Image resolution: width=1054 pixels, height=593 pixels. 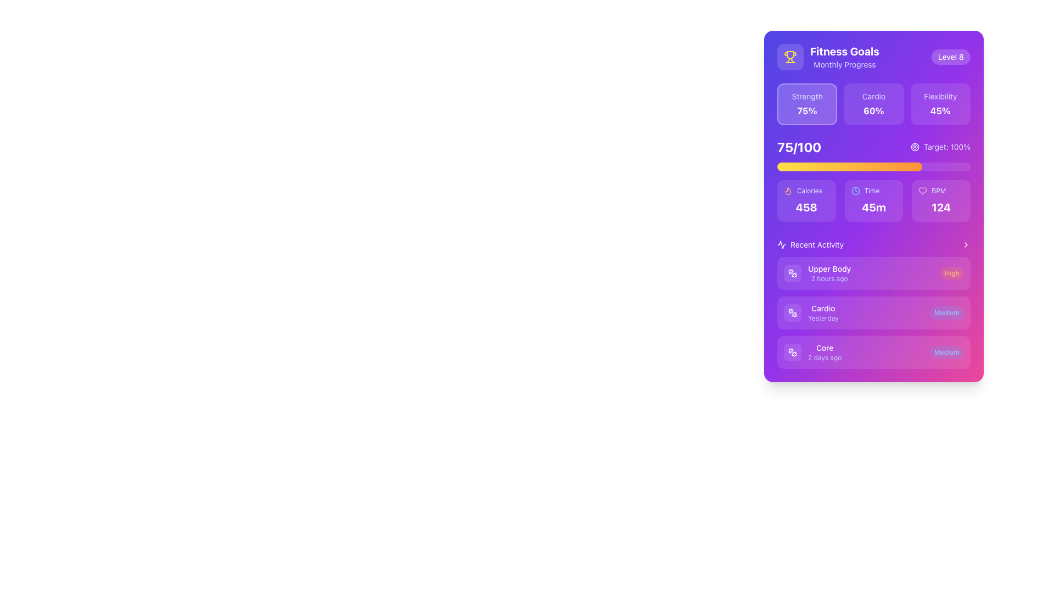 I want to click on the health or wellness icon located in the top-right area of the interface, next to the BPM section aligned with the numerical value '124', so click(x=922, y=190).